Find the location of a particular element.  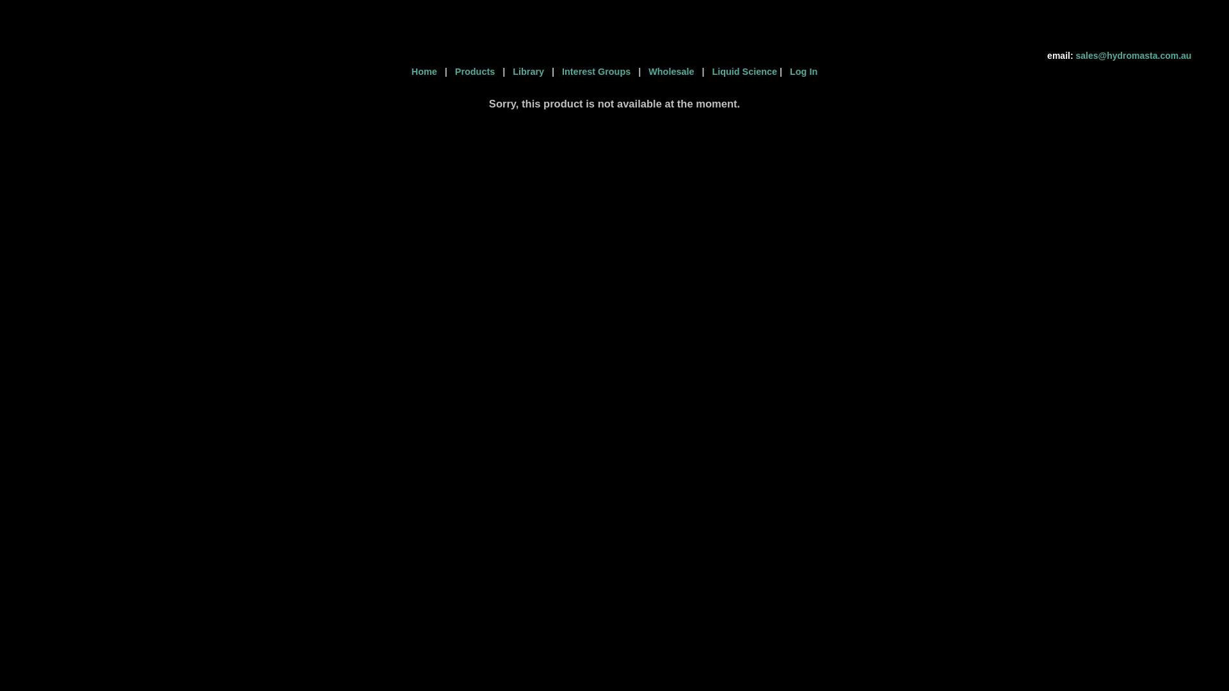

'  Wholesale  ' is located at coordinates (670, 71).